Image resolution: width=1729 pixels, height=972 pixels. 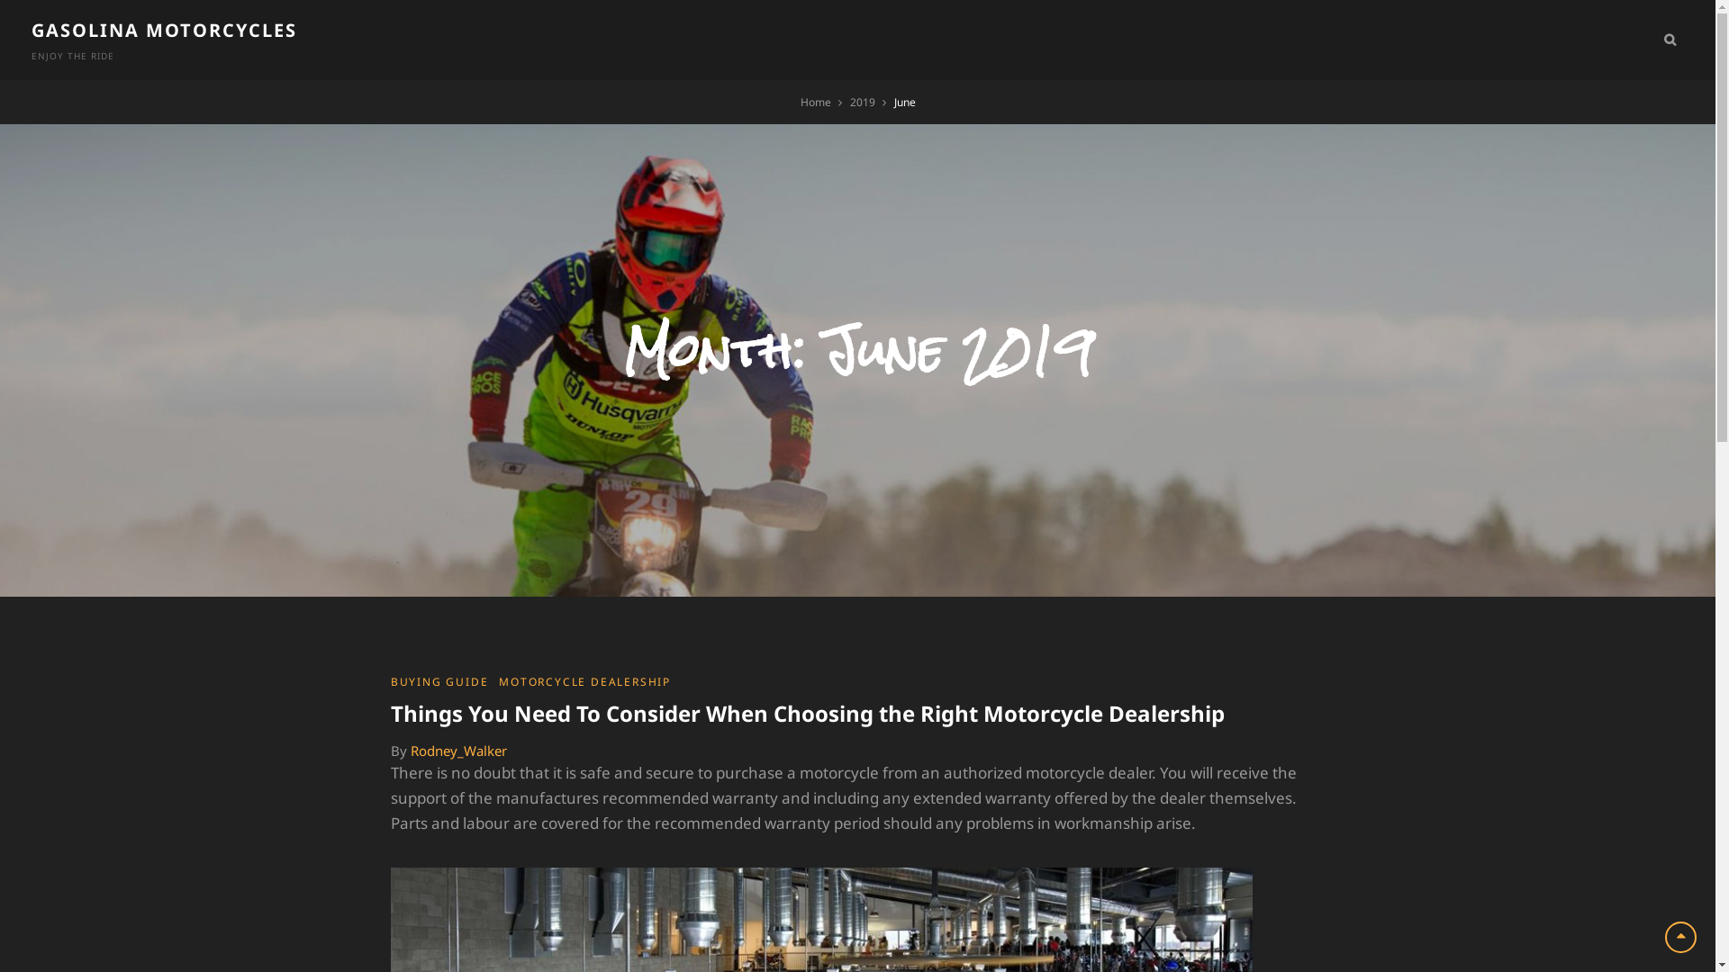 I want to click on 'Skip to content', so click(x=0, y=0).